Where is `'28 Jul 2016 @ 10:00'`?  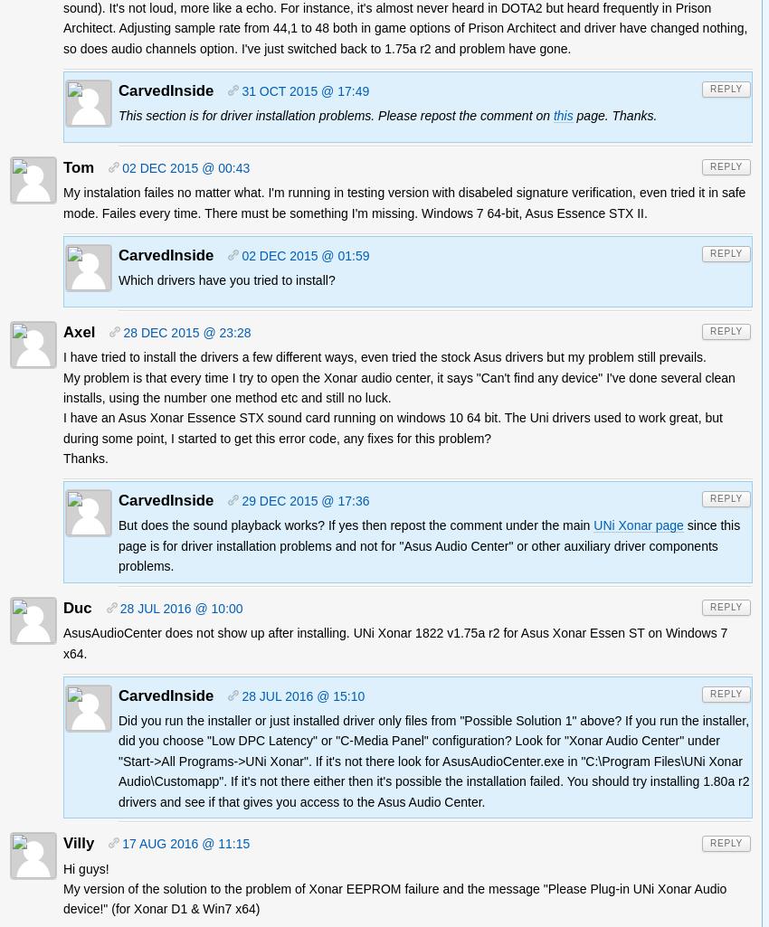
'28 Jul 2016 @ 10:00' is located at coordinates (180, 609).